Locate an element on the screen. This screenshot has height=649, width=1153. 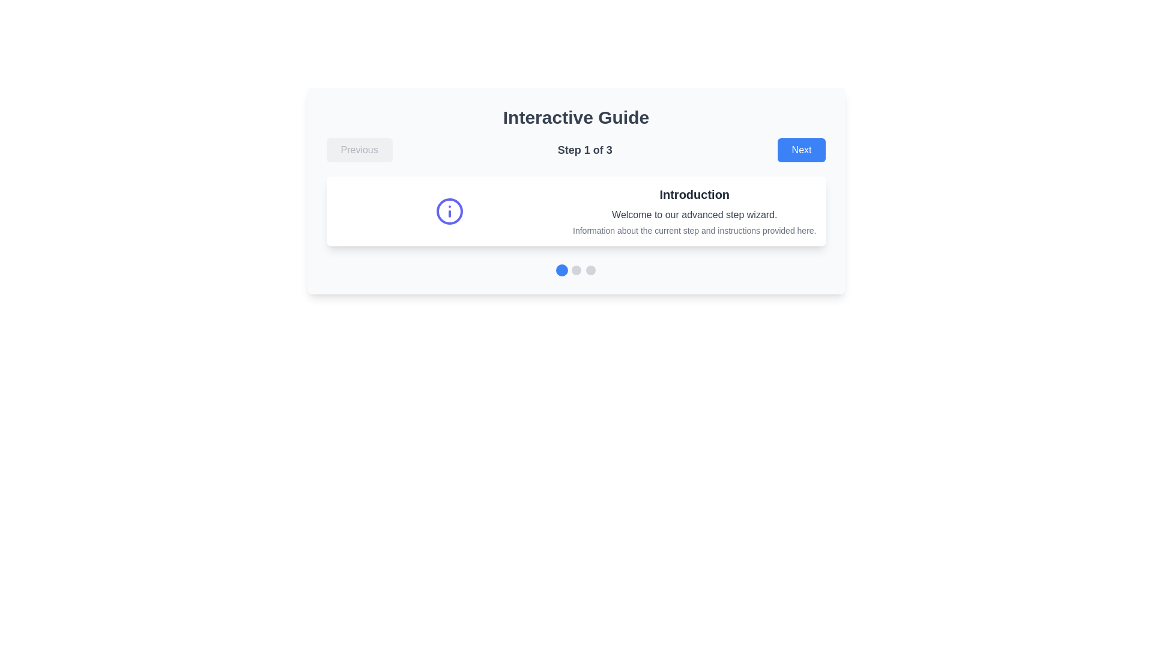
the blue 'Next' button with rounded corners to proceed to the next step is located at coordinates (801, 150).